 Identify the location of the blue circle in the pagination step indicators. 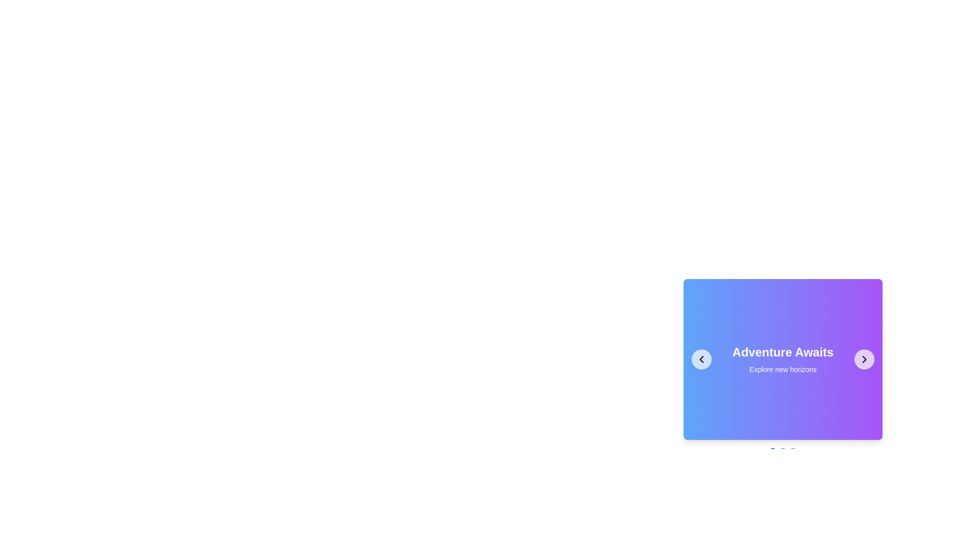
(783, 450).